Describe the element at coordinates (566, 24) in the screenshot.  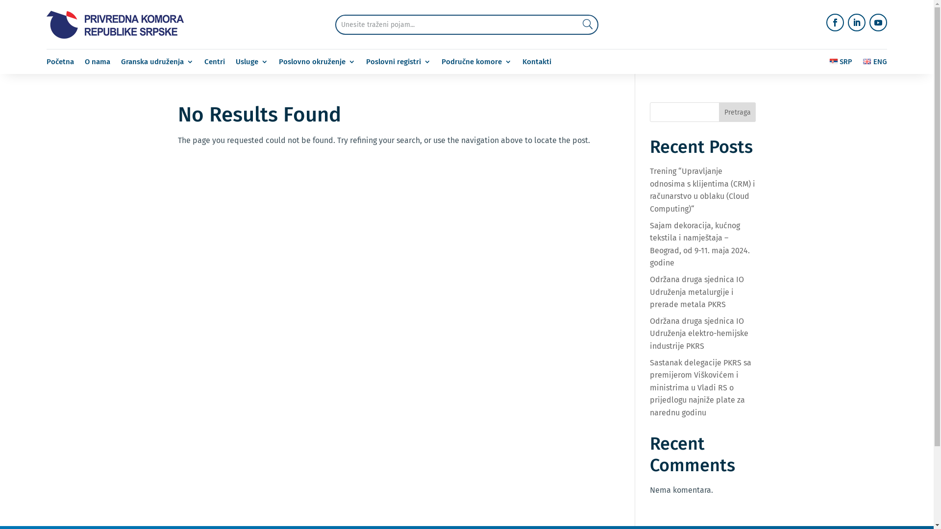
I see `'Search'` at that location.